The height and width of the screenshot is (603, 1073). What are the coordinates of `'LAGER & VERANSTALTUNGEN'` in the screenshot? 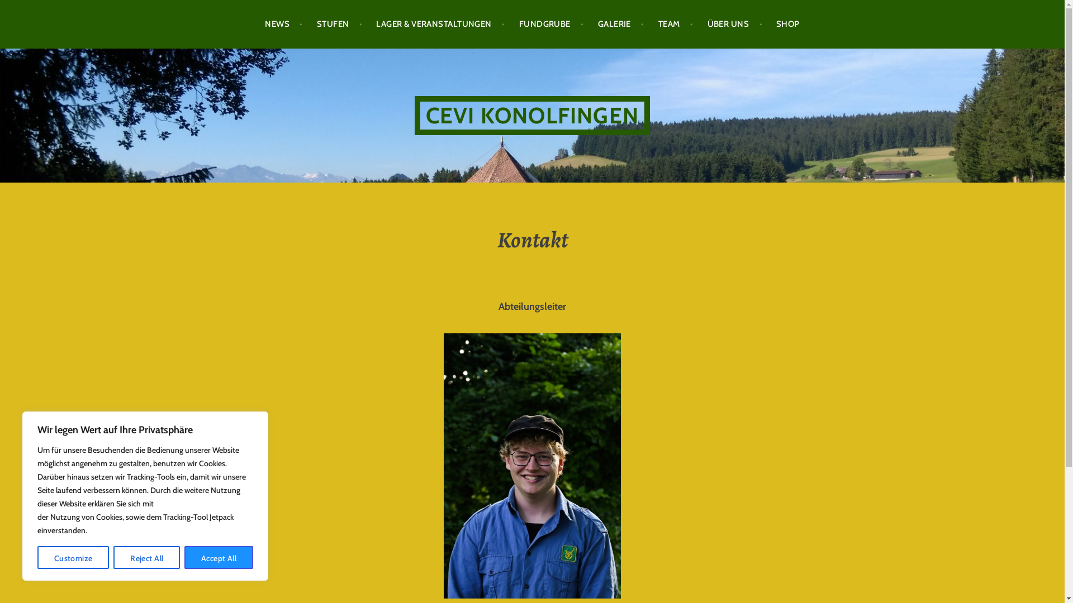 It's located at (439, 24).